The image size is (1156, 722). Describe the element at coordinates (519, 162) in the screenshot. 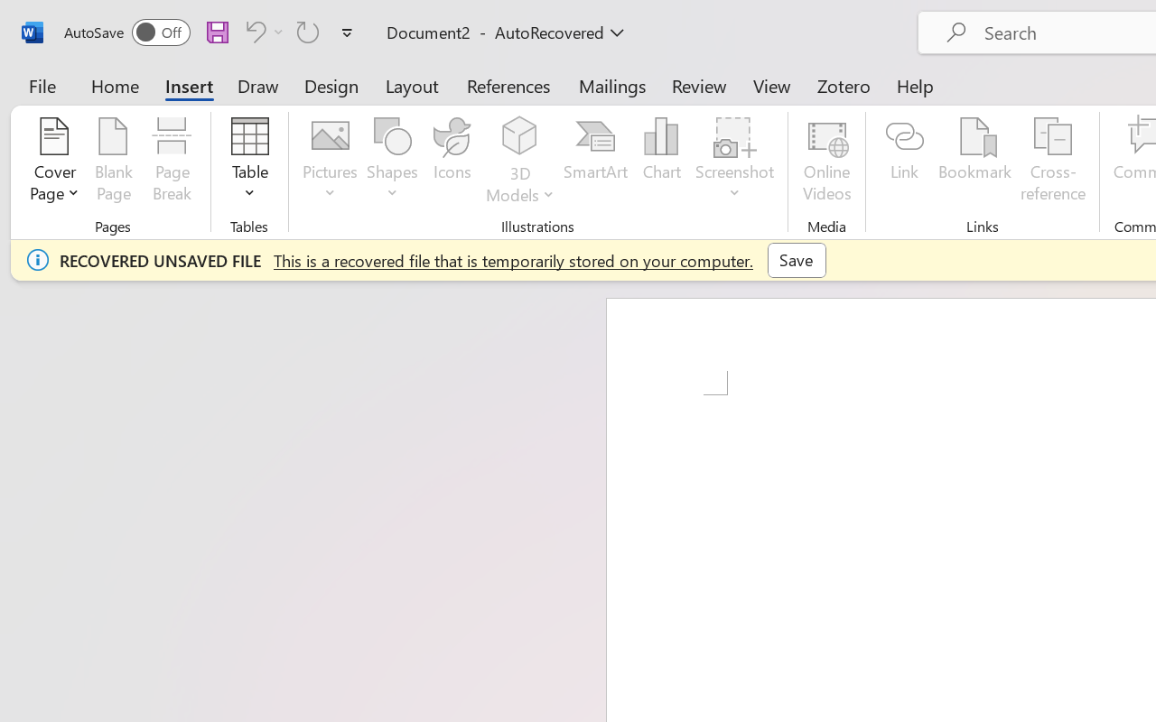

I see `'3D Models'` at that location.